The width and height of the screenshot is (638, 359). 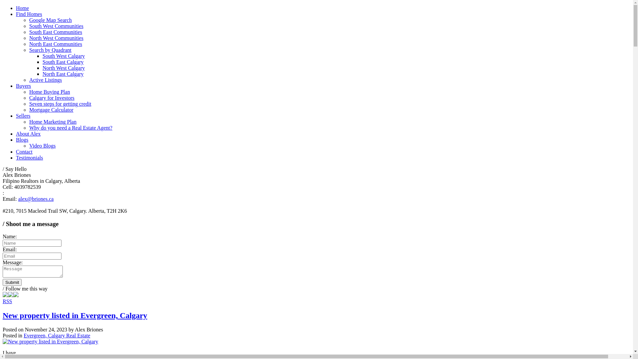 What do you see at coordinates (57, 335) in the screenshot?
I see `'Evergreen, Calgary Real Estate'` at bounding box center [57, 335].